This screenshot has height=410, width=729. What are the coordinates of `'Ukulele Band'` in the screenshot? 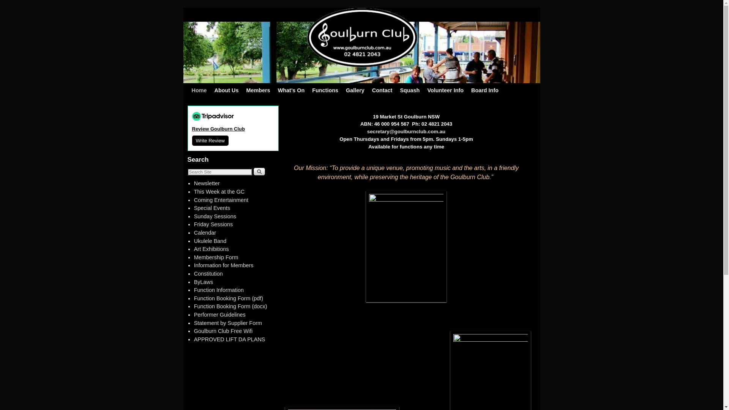 It's located at (210, 241).